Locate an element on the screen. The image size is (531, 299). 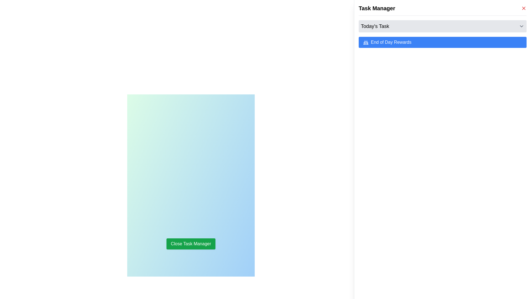
the 'End of Day Rewards' button located in the right panel titled 'Task Manager', positioned below the 'Today's Task' dropdown menu for keyboard interaction is located at coordinates (442, 42).